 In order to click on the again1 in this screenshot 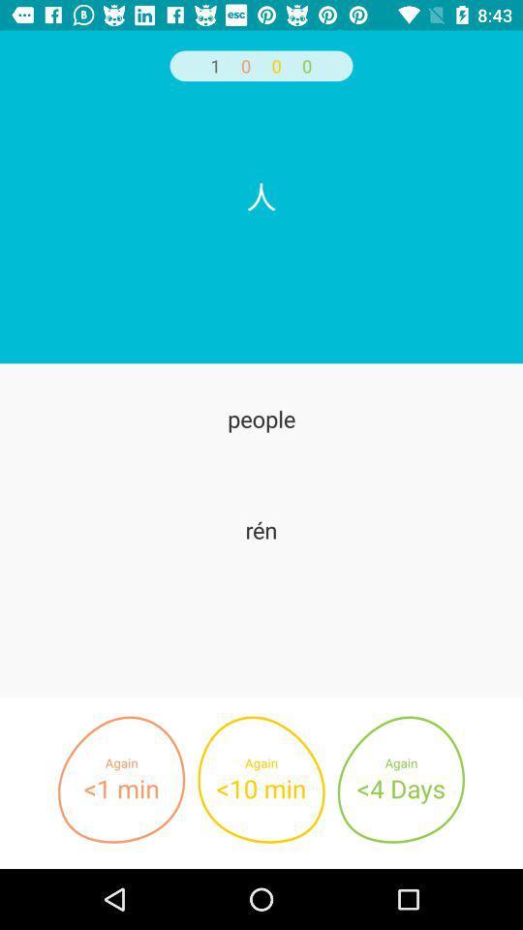, I will do `click(121, 780)`.